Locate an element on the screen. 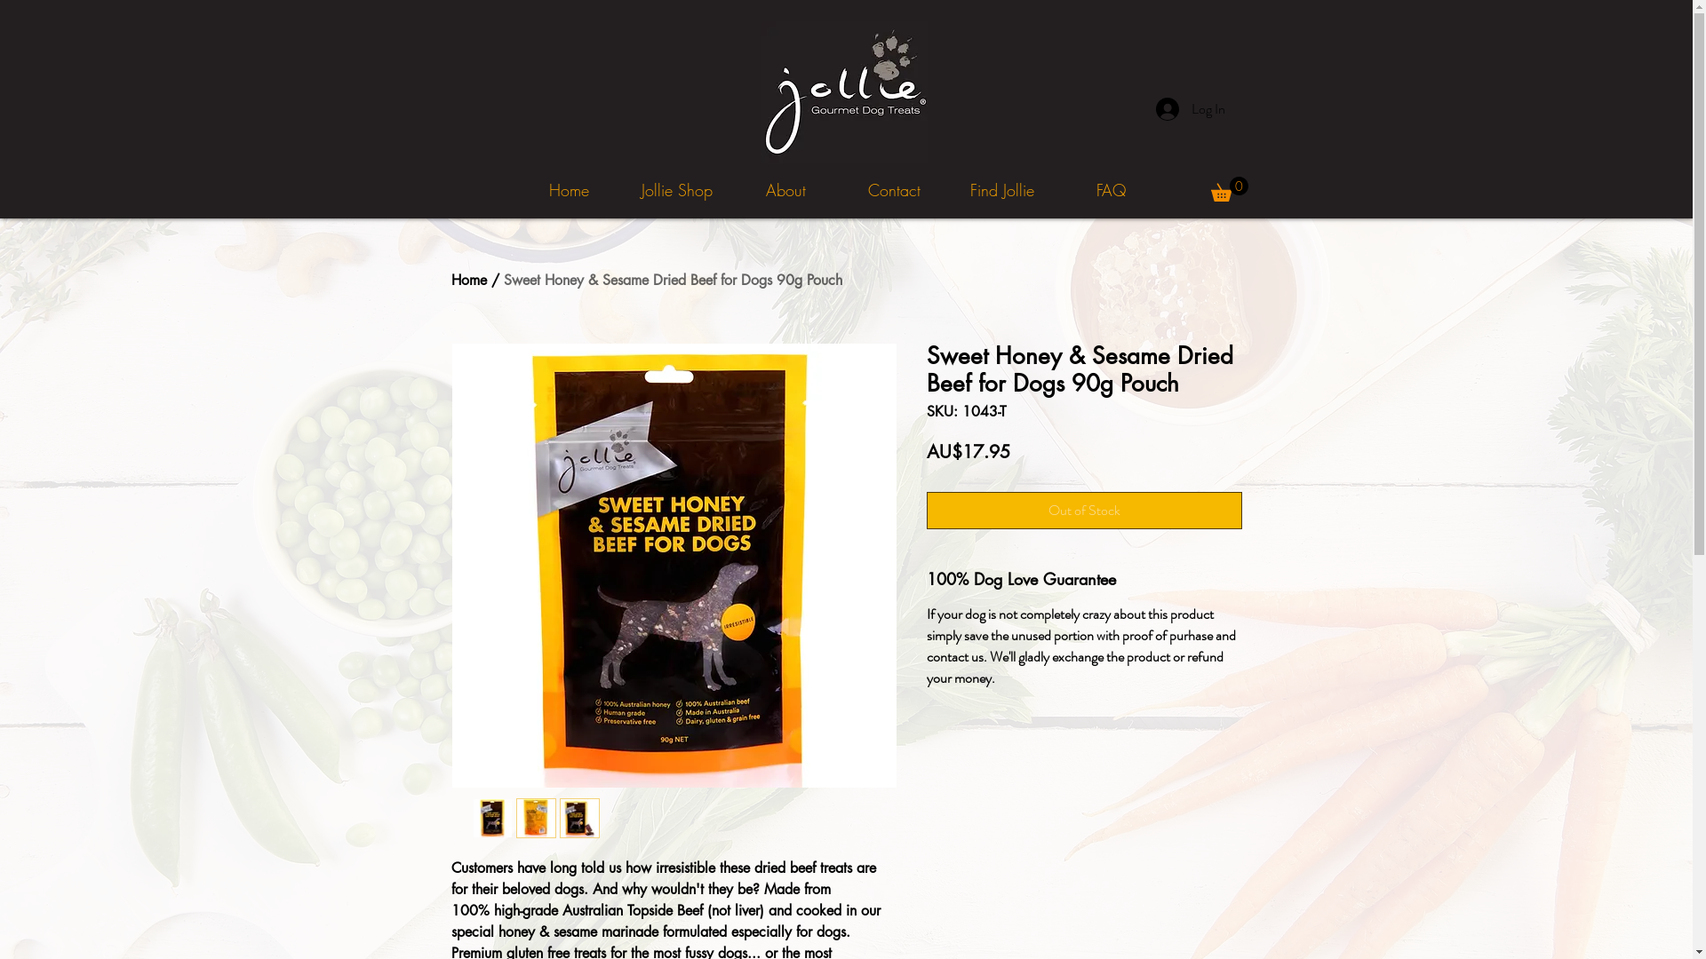 This screenshot has width=1706, height=959. 'Home' is located at coordinates (469, 280).